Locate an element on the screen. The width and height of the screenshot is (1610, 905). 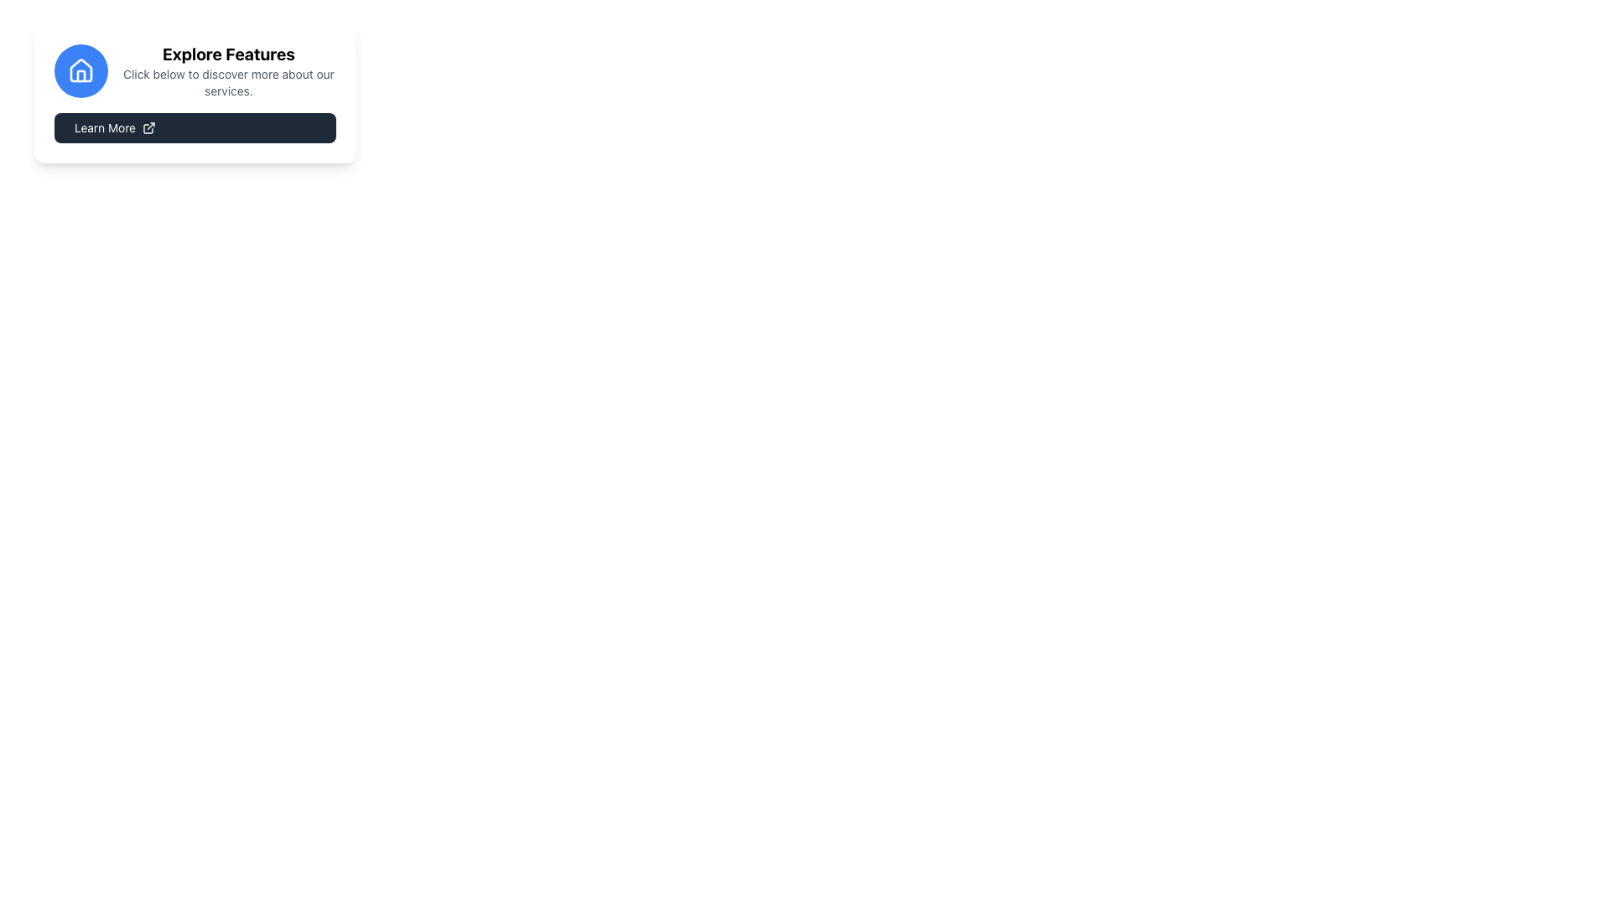
the 'home' icon located in the blue circular area at the top left corner of the card component is located at coordinates (80, 70).